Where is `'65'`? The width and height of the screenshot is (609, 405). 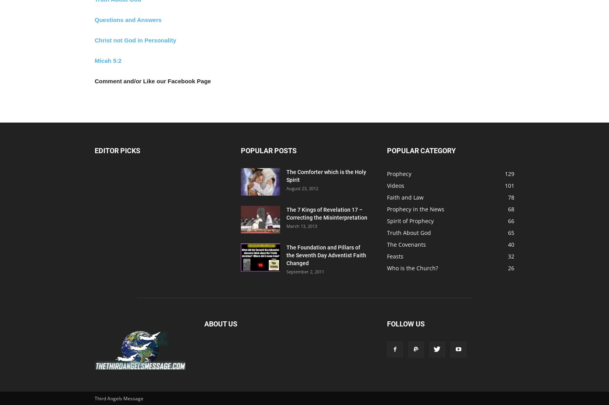
'65' is located at coordinates (508, 232).